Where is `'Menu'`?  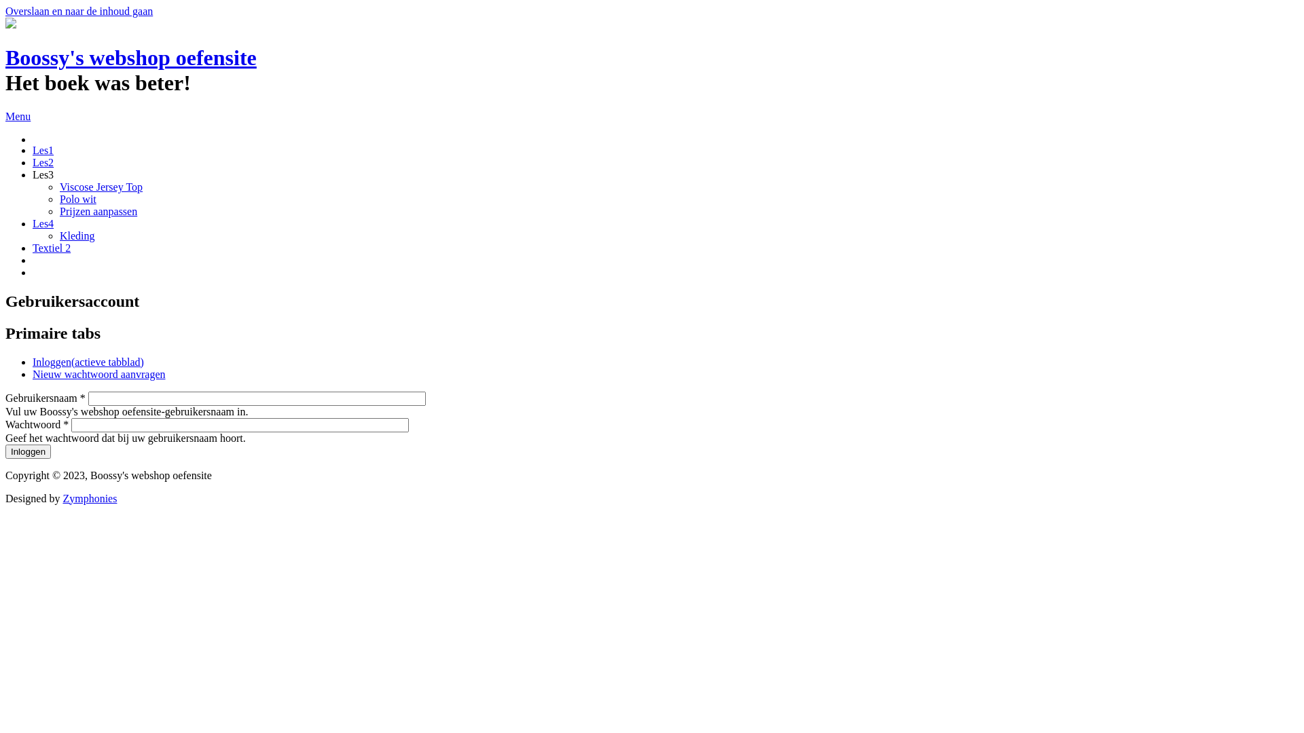 'Menu' is located at coordinates (5, 115).